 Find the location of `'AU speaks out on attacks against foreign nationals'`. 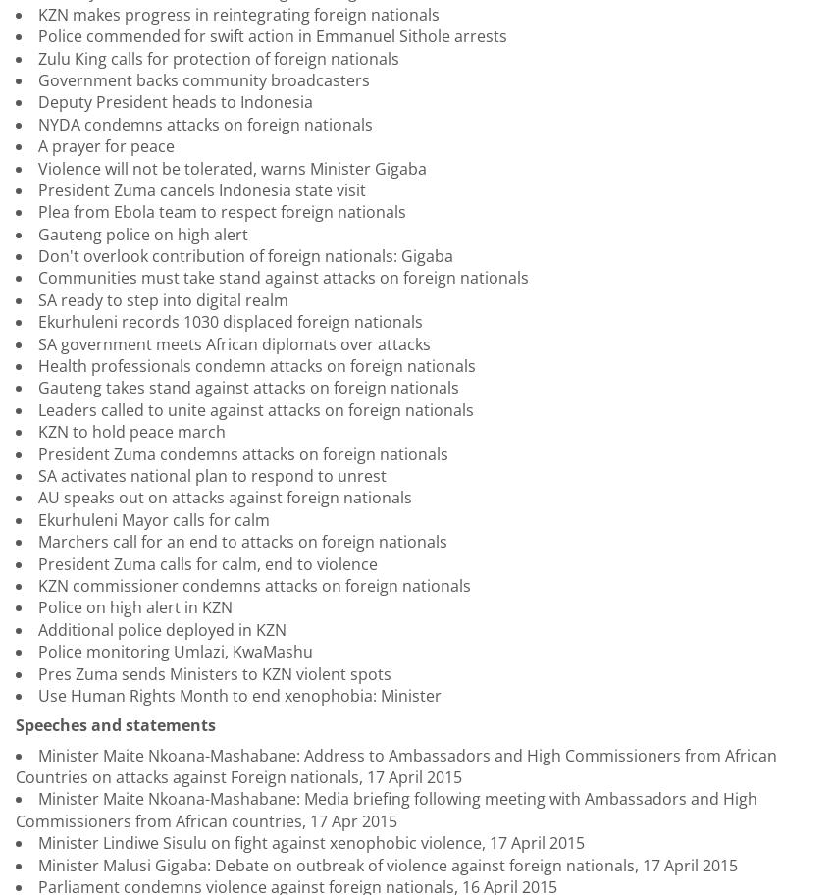

'AU speaks out on attacks against foreign nationals' is located at coordinates (225, 496).